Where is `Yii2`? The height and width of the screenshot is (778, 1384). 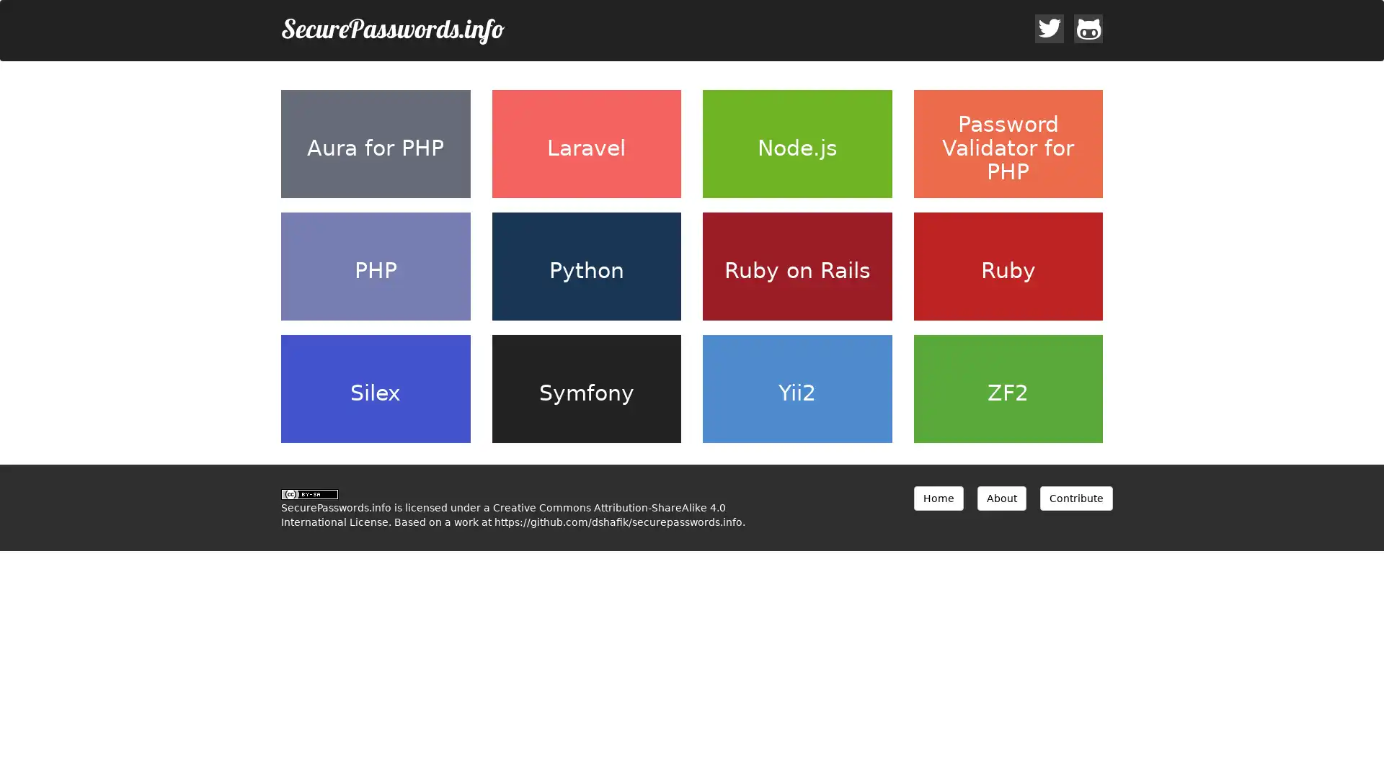 Yii2 is located at coordinates (796, 389).